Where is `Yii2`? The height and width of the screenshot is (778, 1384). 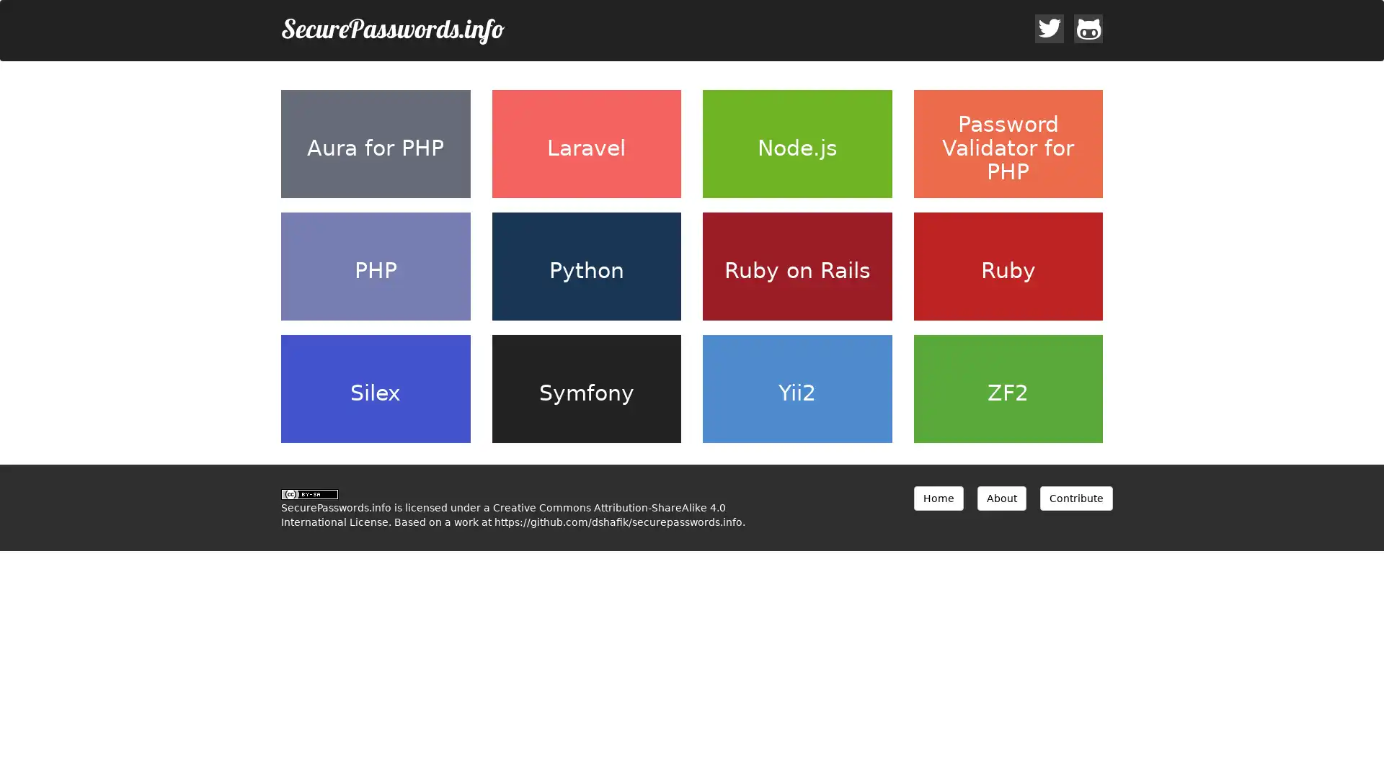 Yii2 is located at coordinates (796, 389).